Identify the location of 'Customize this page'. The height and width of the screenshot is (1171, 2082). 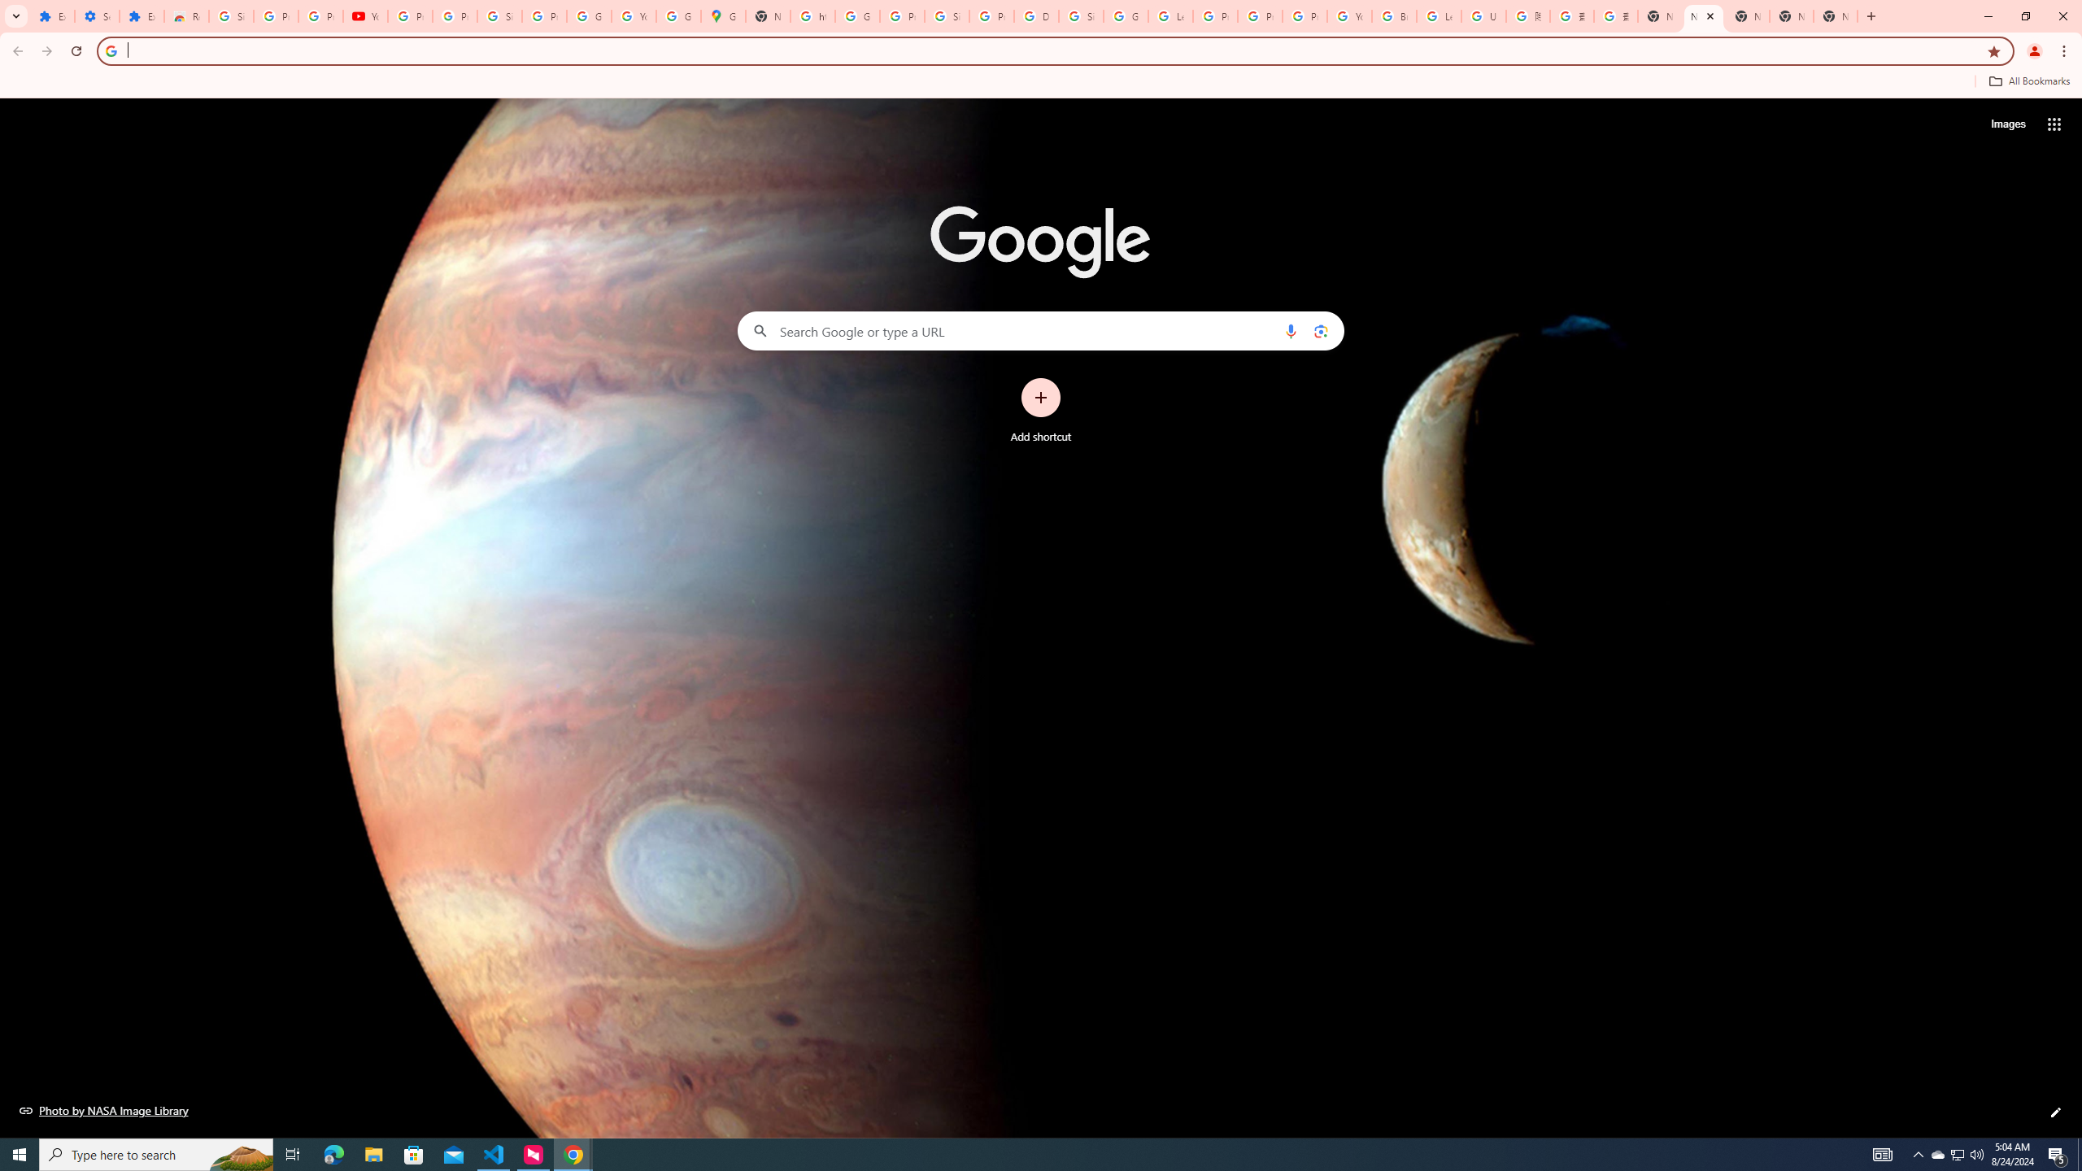
(2055, 1112).